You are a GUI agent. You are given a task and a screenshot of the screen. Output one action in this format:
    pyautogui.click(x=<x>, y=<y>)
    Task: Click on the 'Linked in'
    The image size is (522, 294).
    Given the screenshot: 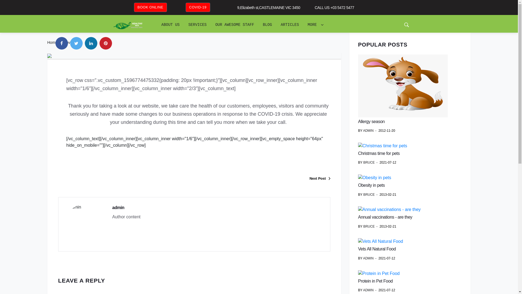 What is the action you would take?
    pyautogui.click(x=91, y=43)
    